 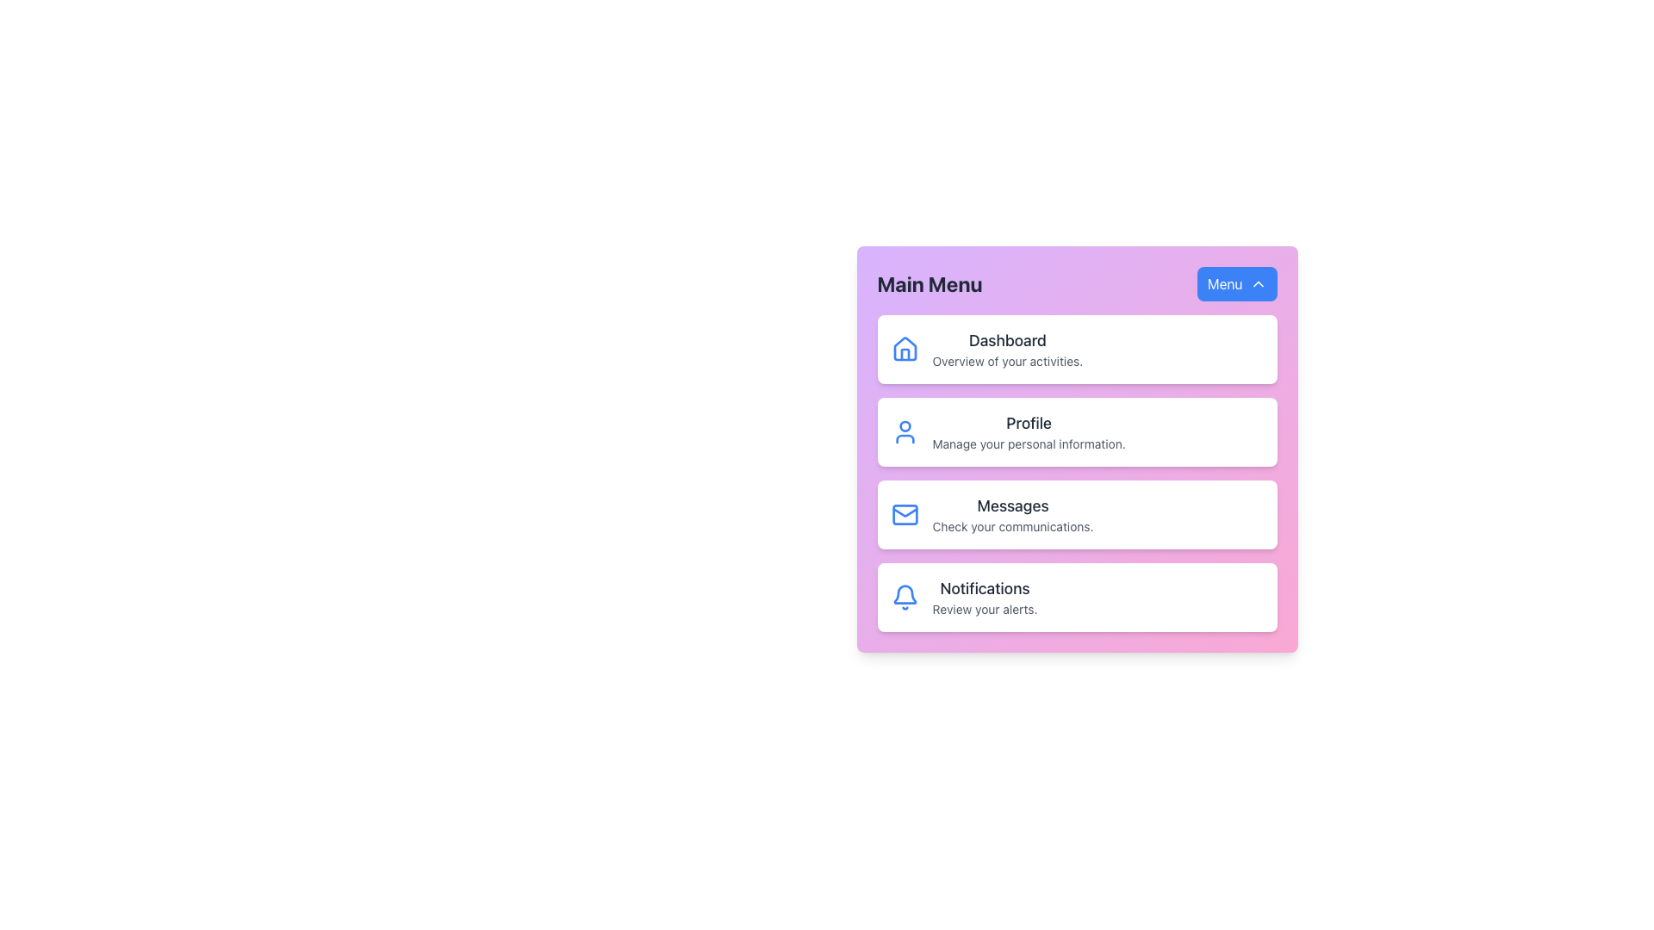 I want to click on the blue bell-shaped icon in the 'Notifications' section, which is located to the left of the 'Notifications' option card at the bottom of the vertically stacked menu, so click(x=904, y=593).